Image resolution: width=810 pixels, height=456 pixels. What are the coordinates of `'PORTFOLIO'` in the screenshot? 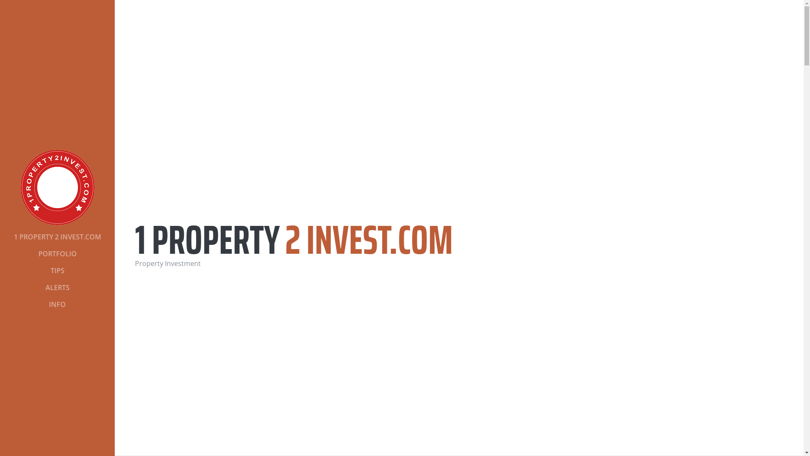 It's located at (57, 253).